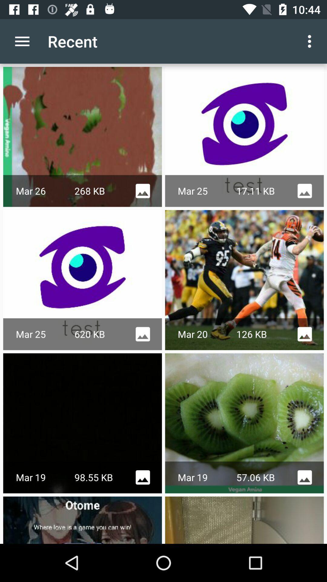 This screenshot has width=327, height=582. Describe the element at coordinates (244, 280) in the screenshot. I see `the second image on left` at that location.